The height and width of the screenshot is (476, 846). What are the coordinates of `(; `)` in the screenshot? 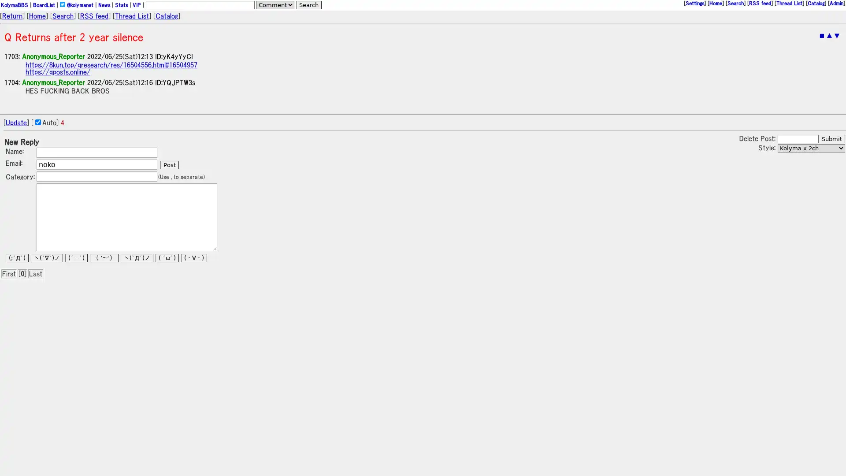 It's located at (17, 258).